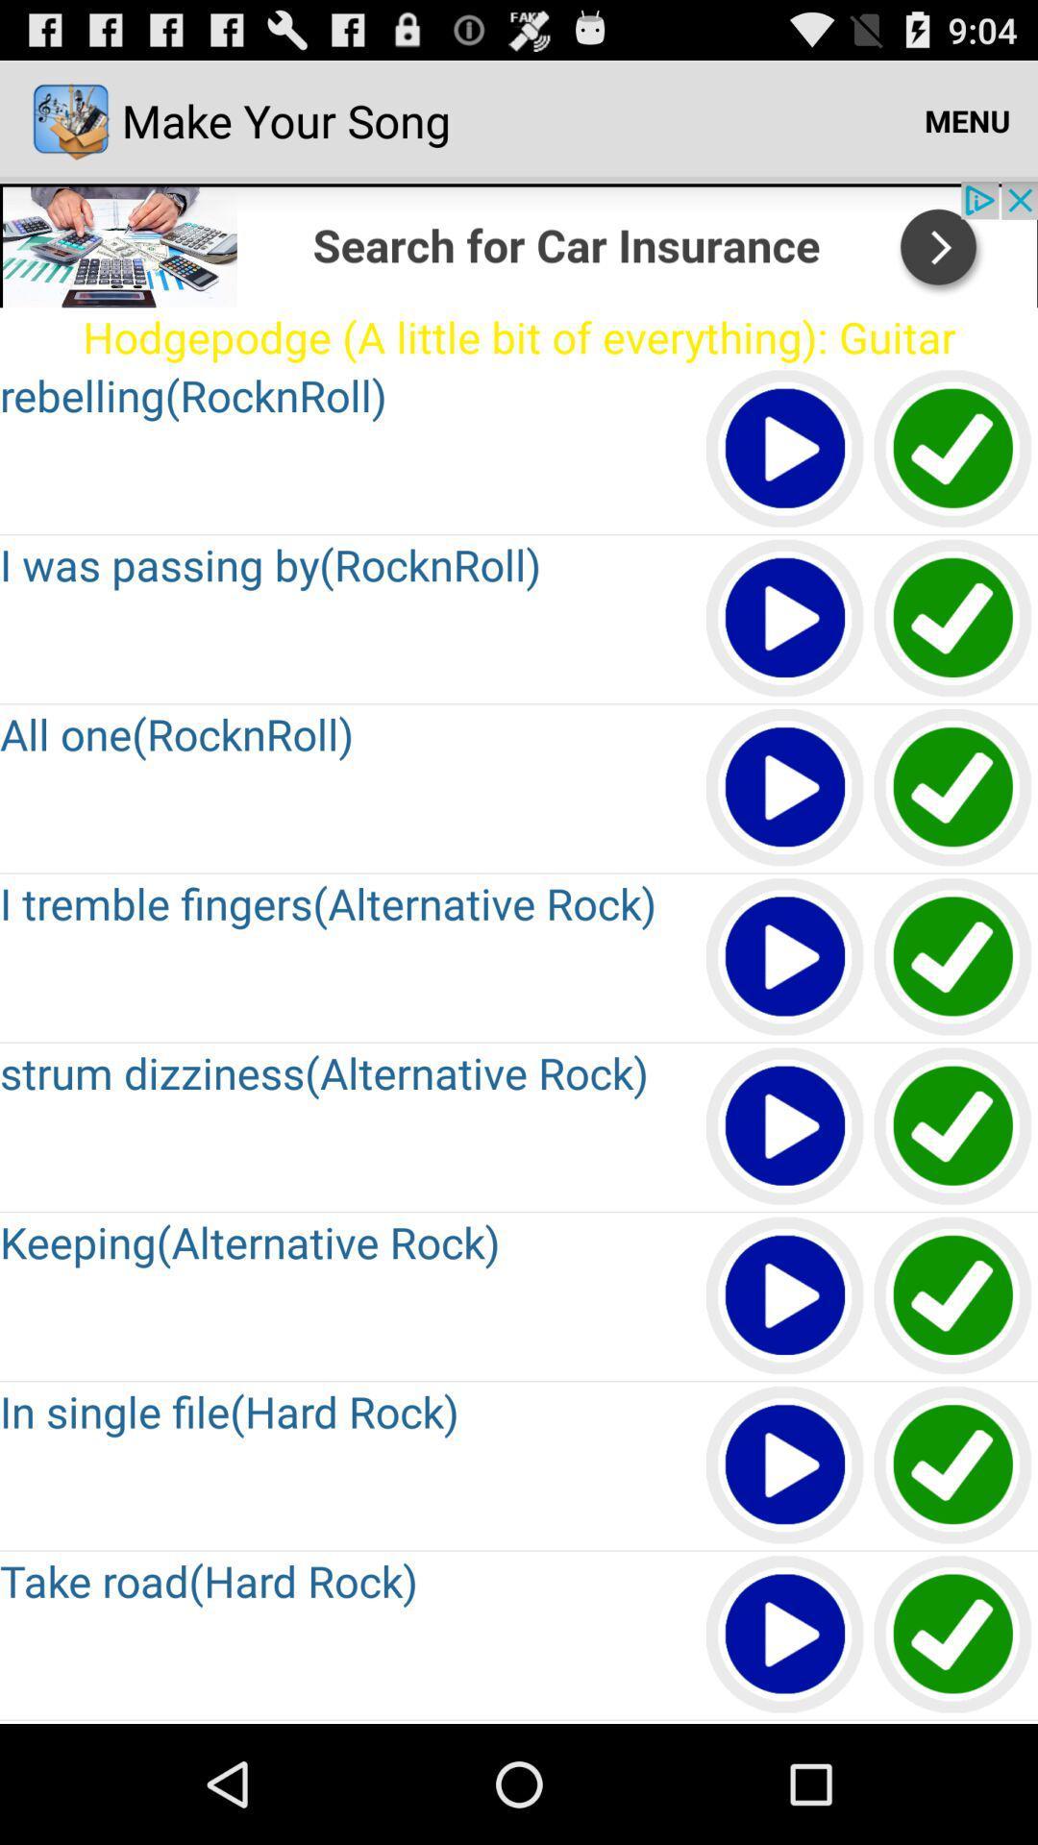  What do you see at coordinates (953, 449) in the screenshot?
I see `tick column` at bounding box center [953, 449].